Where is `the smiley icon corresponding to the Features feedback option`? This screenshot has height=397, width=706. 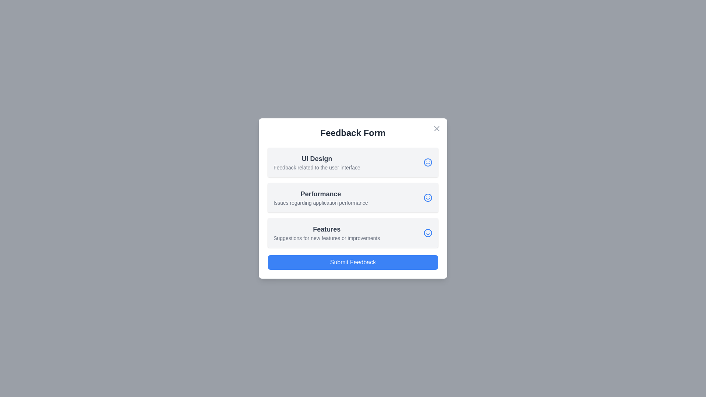 the smiley icon corresponding to the Features feedback option is located at coordinates (428, 233).